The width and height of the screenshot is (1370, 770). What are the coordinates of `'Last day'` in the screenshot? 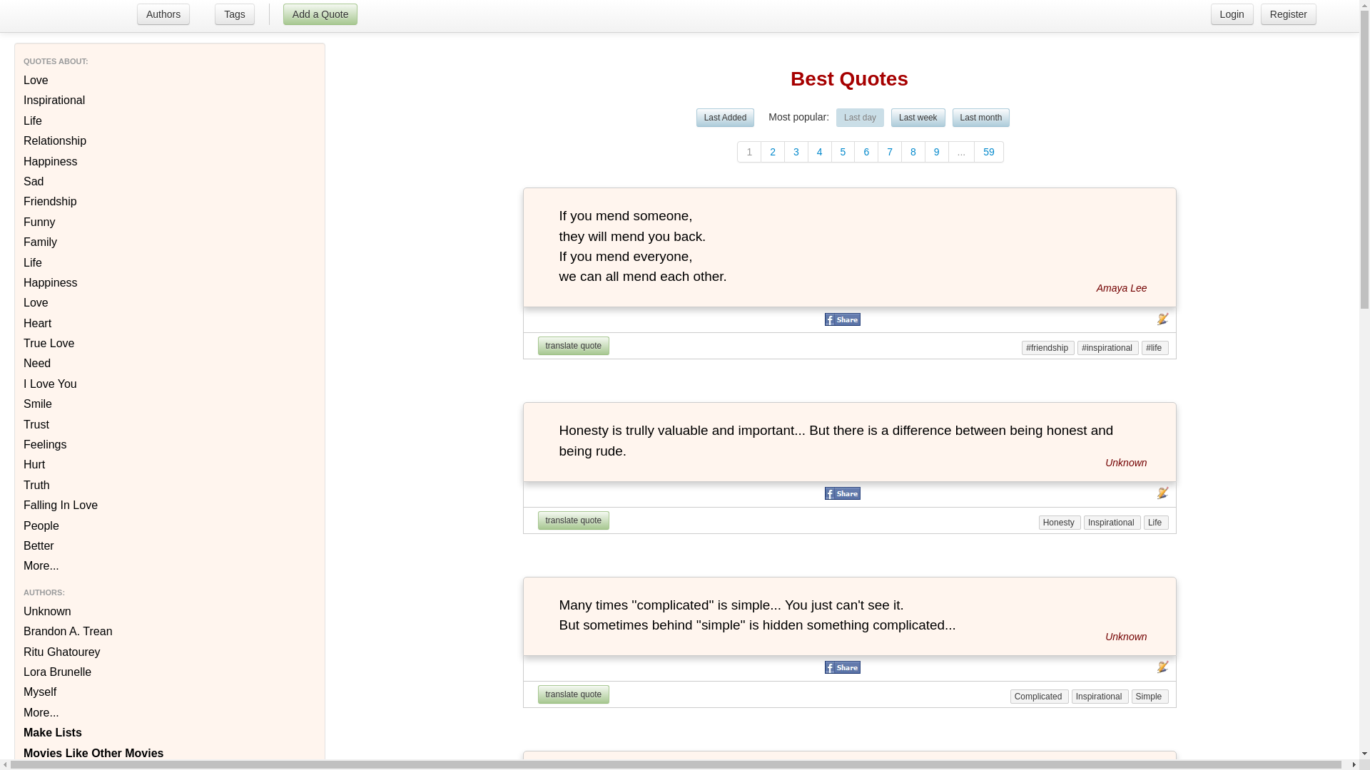 It's located at (859, 117).